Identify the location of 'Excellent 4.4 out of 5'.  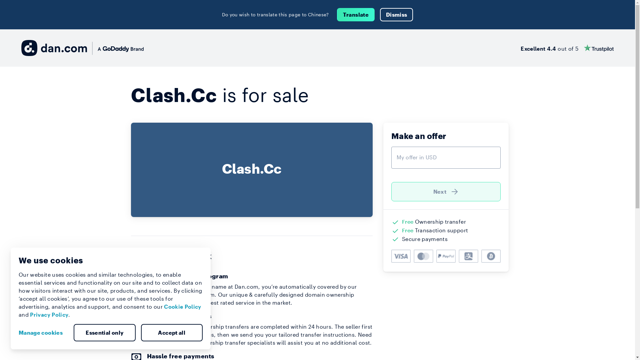
(520, 47).